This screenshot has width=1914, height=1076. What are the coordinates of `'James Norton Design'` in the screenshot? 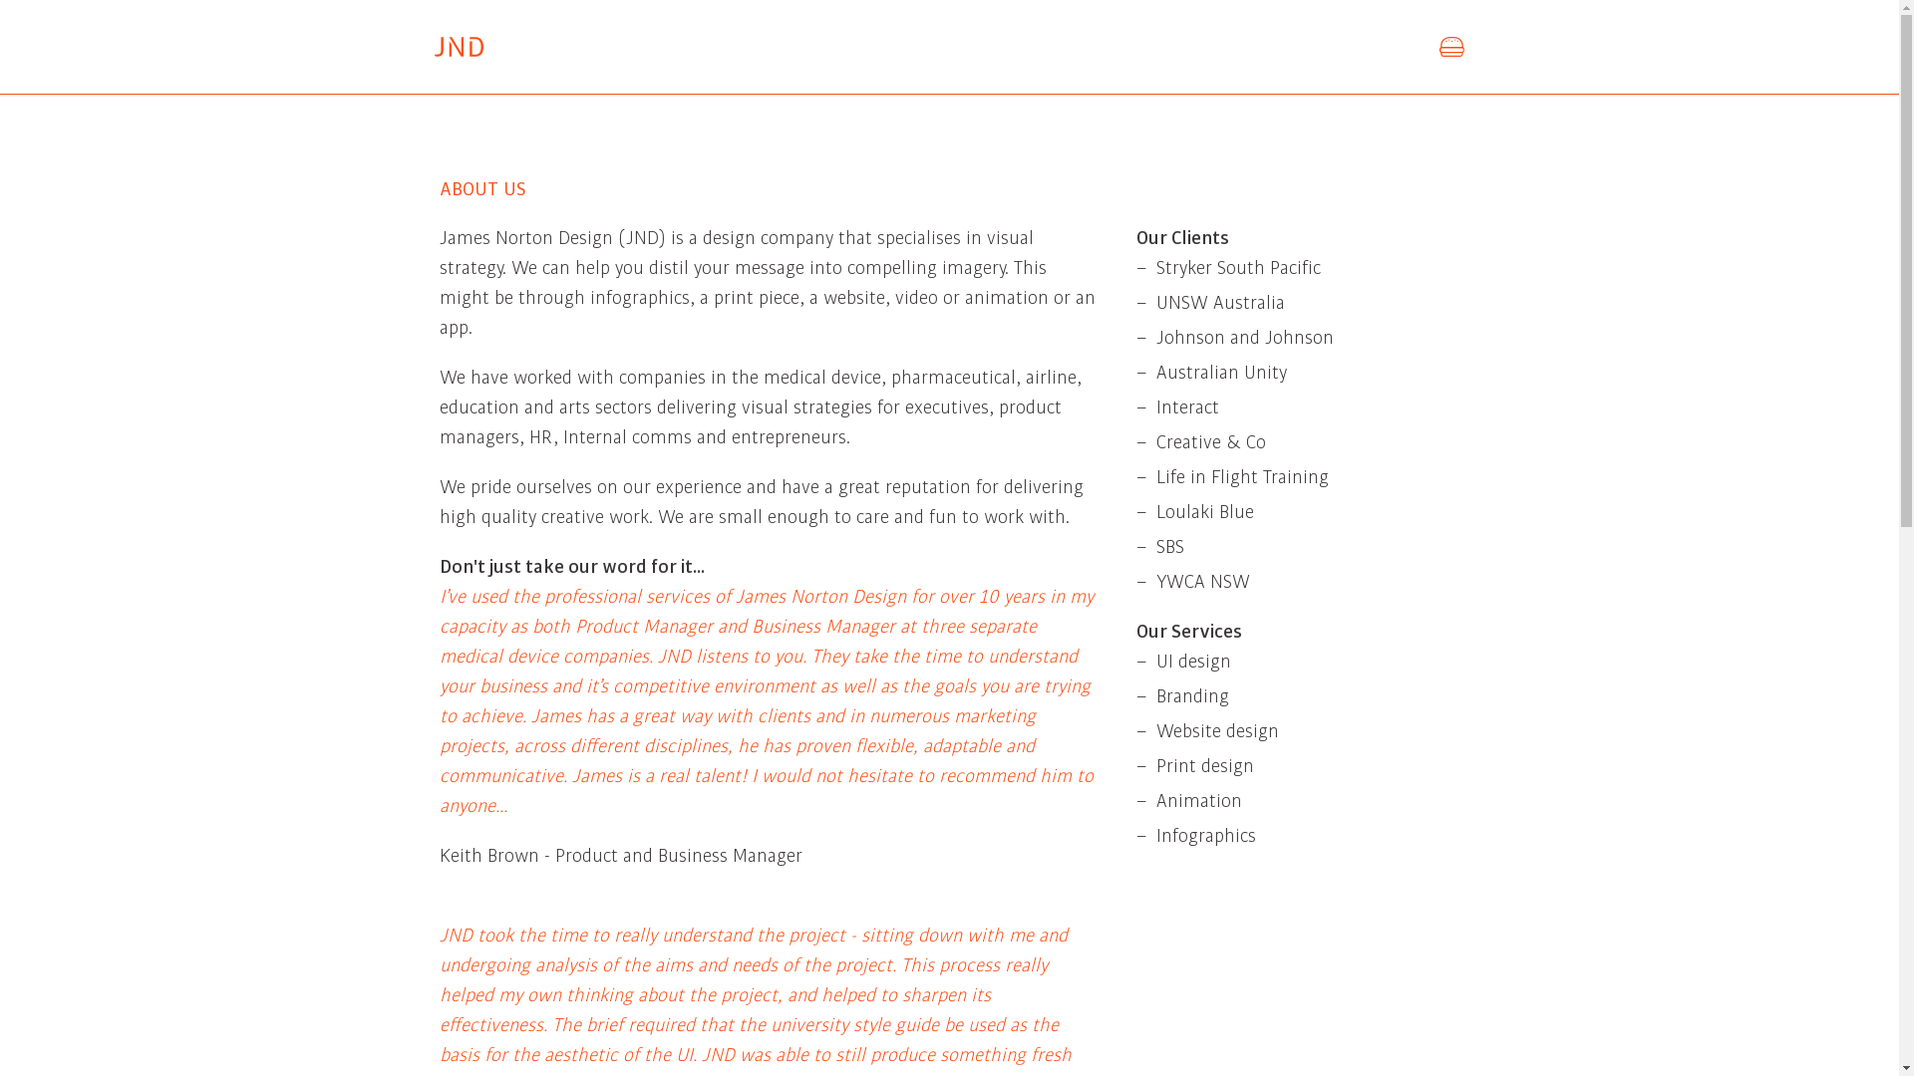 It's located at (458, 45).